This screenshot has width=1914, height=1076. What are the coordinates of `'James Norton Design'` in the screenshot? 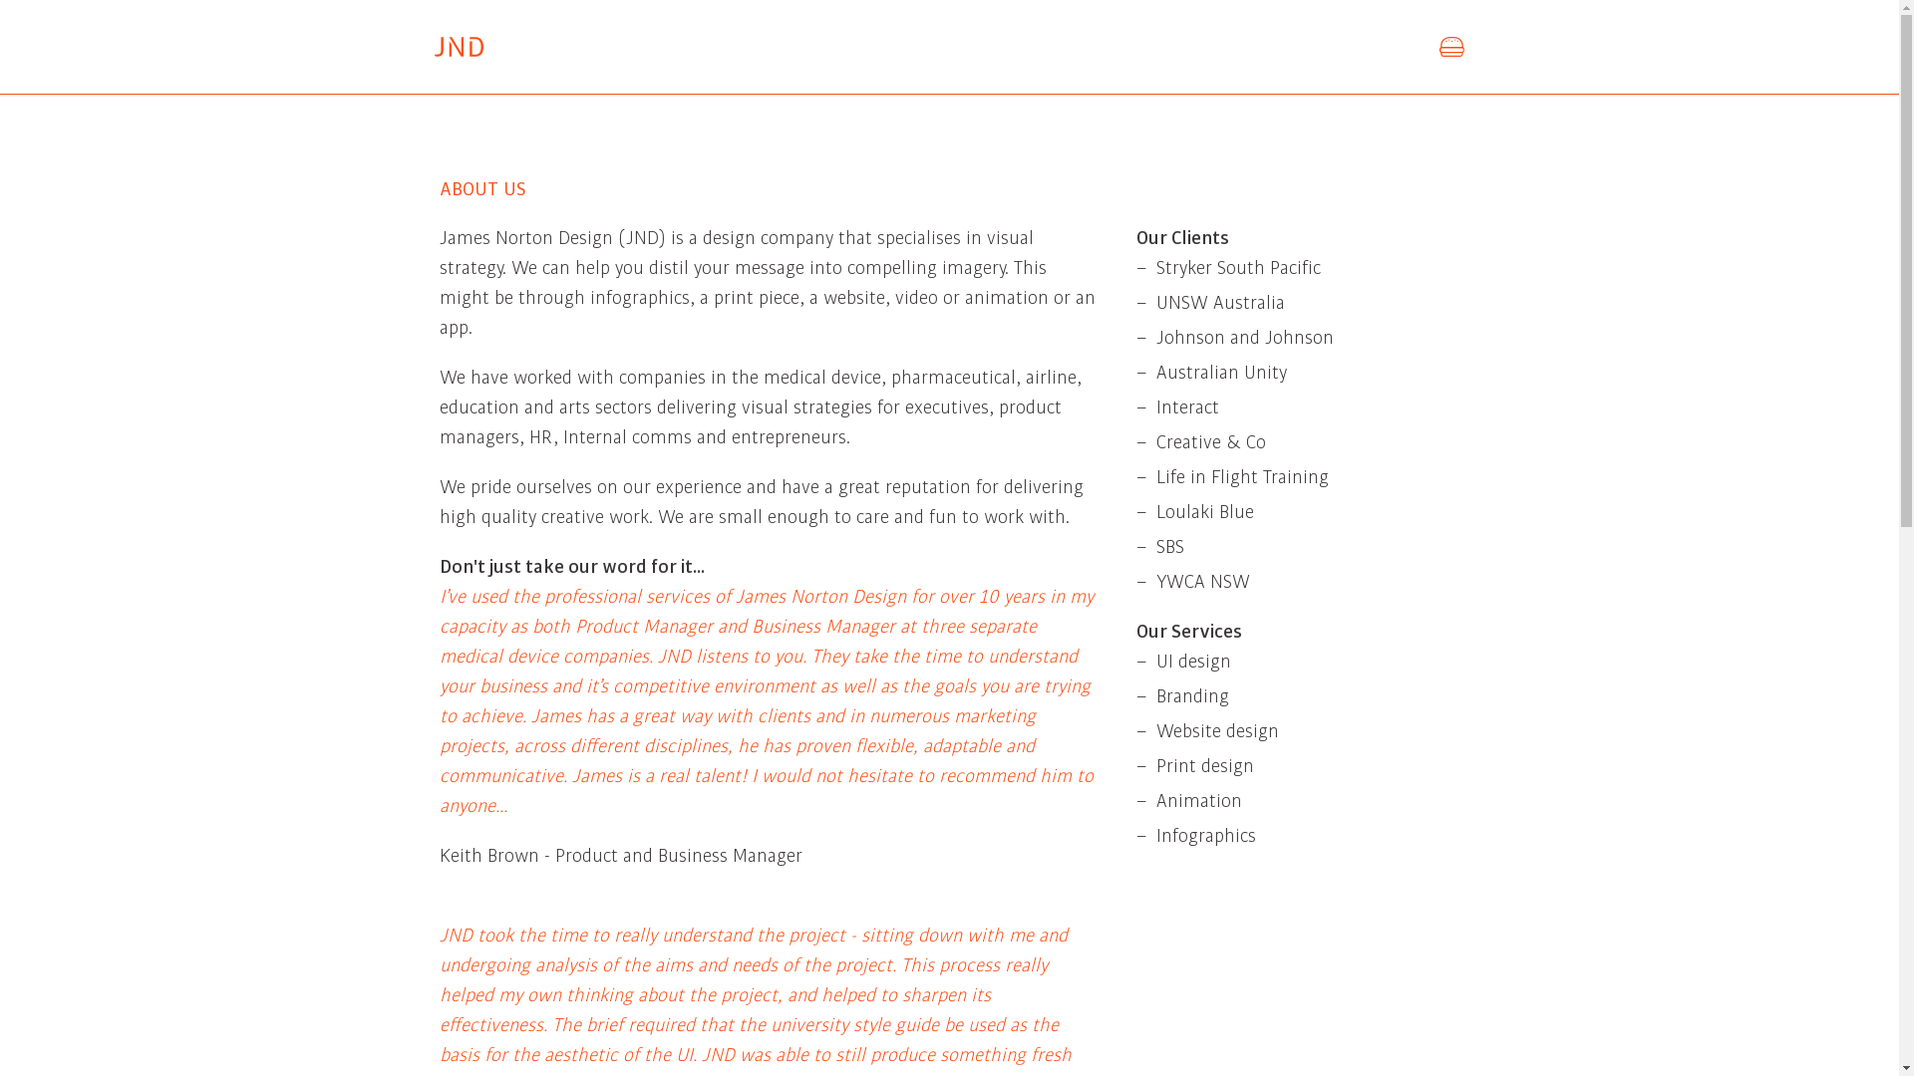 It's located at (458, 45).